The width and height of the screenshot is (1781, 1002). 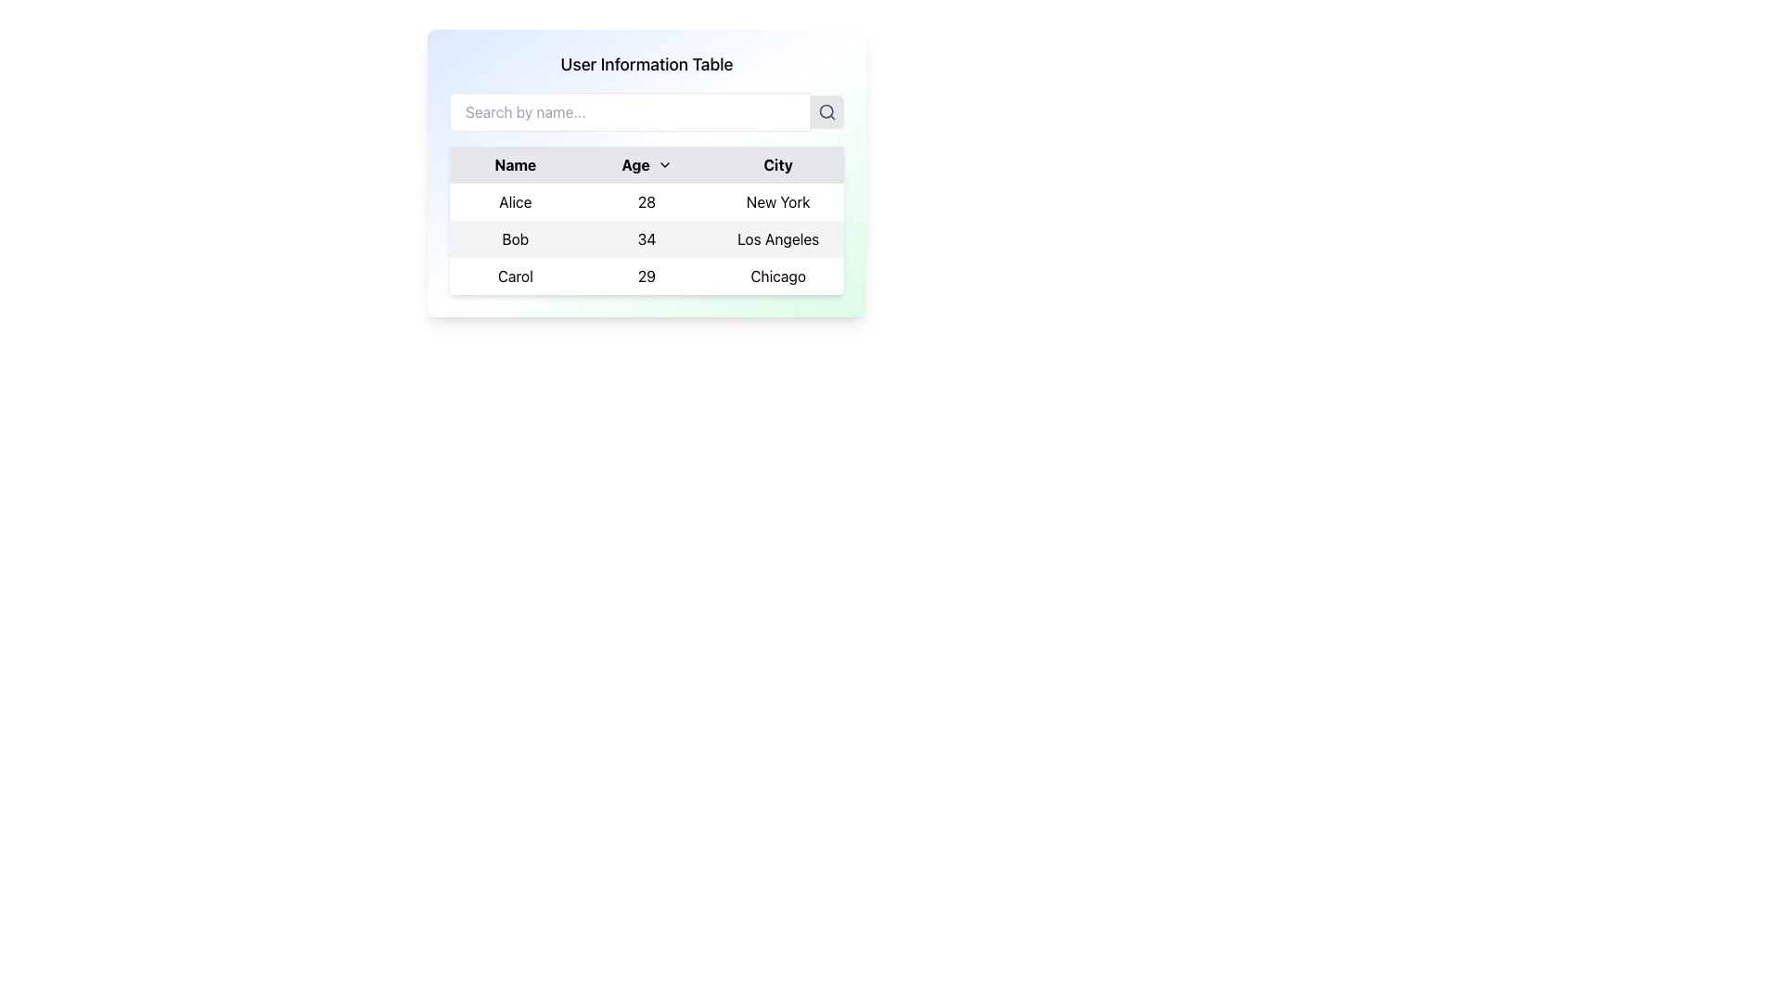 I want to click on the search icon represented by a gray magnifying glass located at the top-right corner of the search bar to initiate a search, so click(x=826, y=111).